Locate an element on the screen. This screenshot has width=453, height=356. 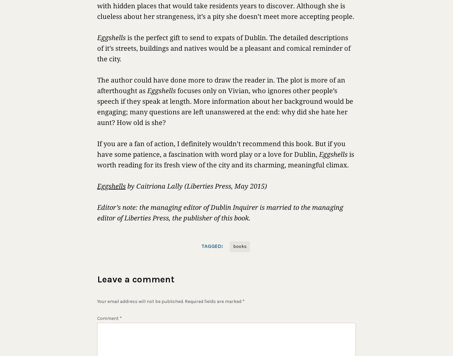
'Required fields are marked' is located at coordinates (185, 301).